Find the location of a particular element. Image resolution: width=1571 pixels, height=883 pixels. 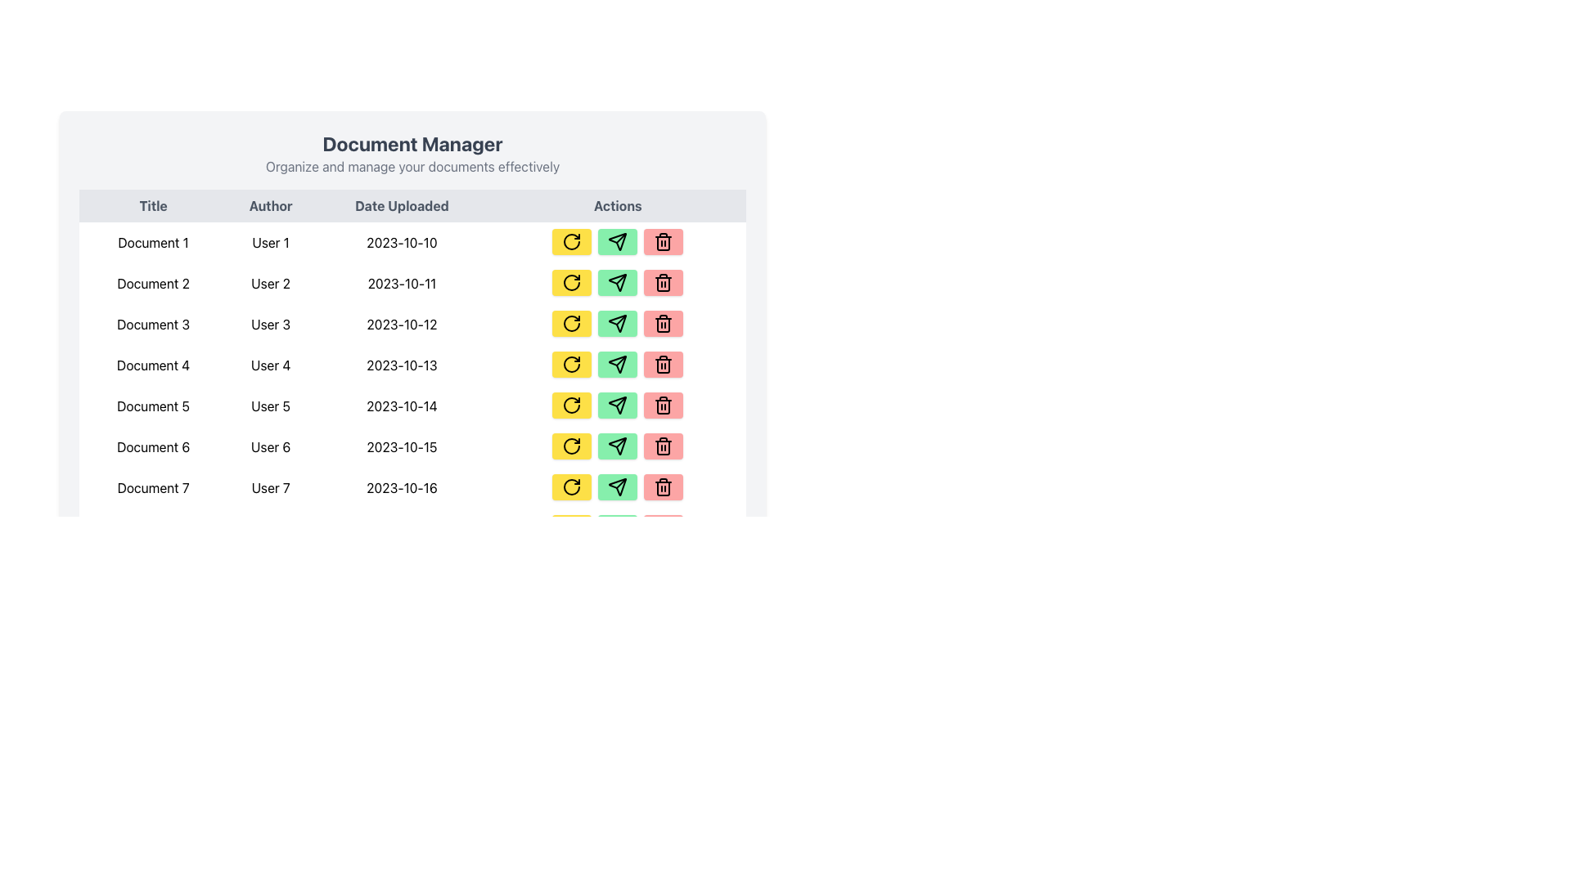

the green rounded rectangular button with a paper plane icon, located between the yellow refresh button and the red delete button is located at coordinates (617, 282).